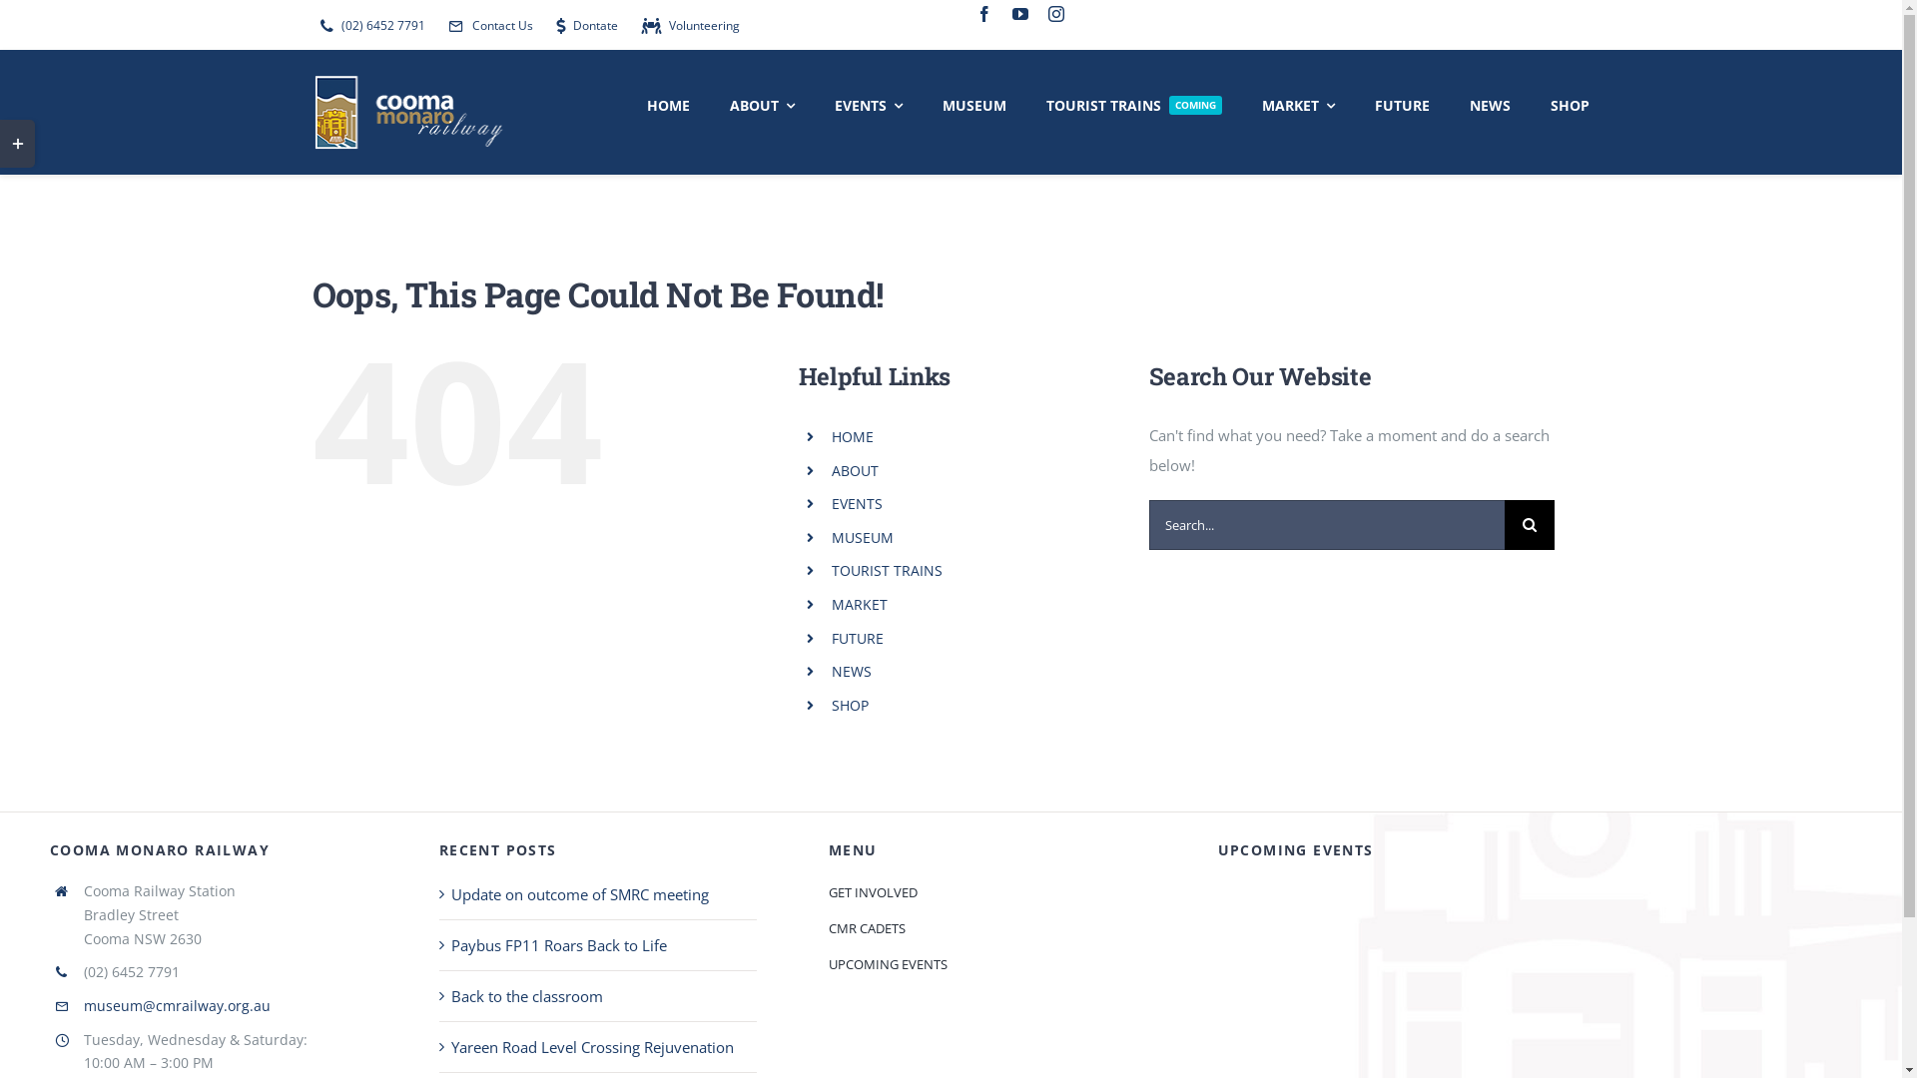 Image resolution: width=1917 pixels, height=1078 pixels. I want to click on 'Volunteering', so click(686, 26).